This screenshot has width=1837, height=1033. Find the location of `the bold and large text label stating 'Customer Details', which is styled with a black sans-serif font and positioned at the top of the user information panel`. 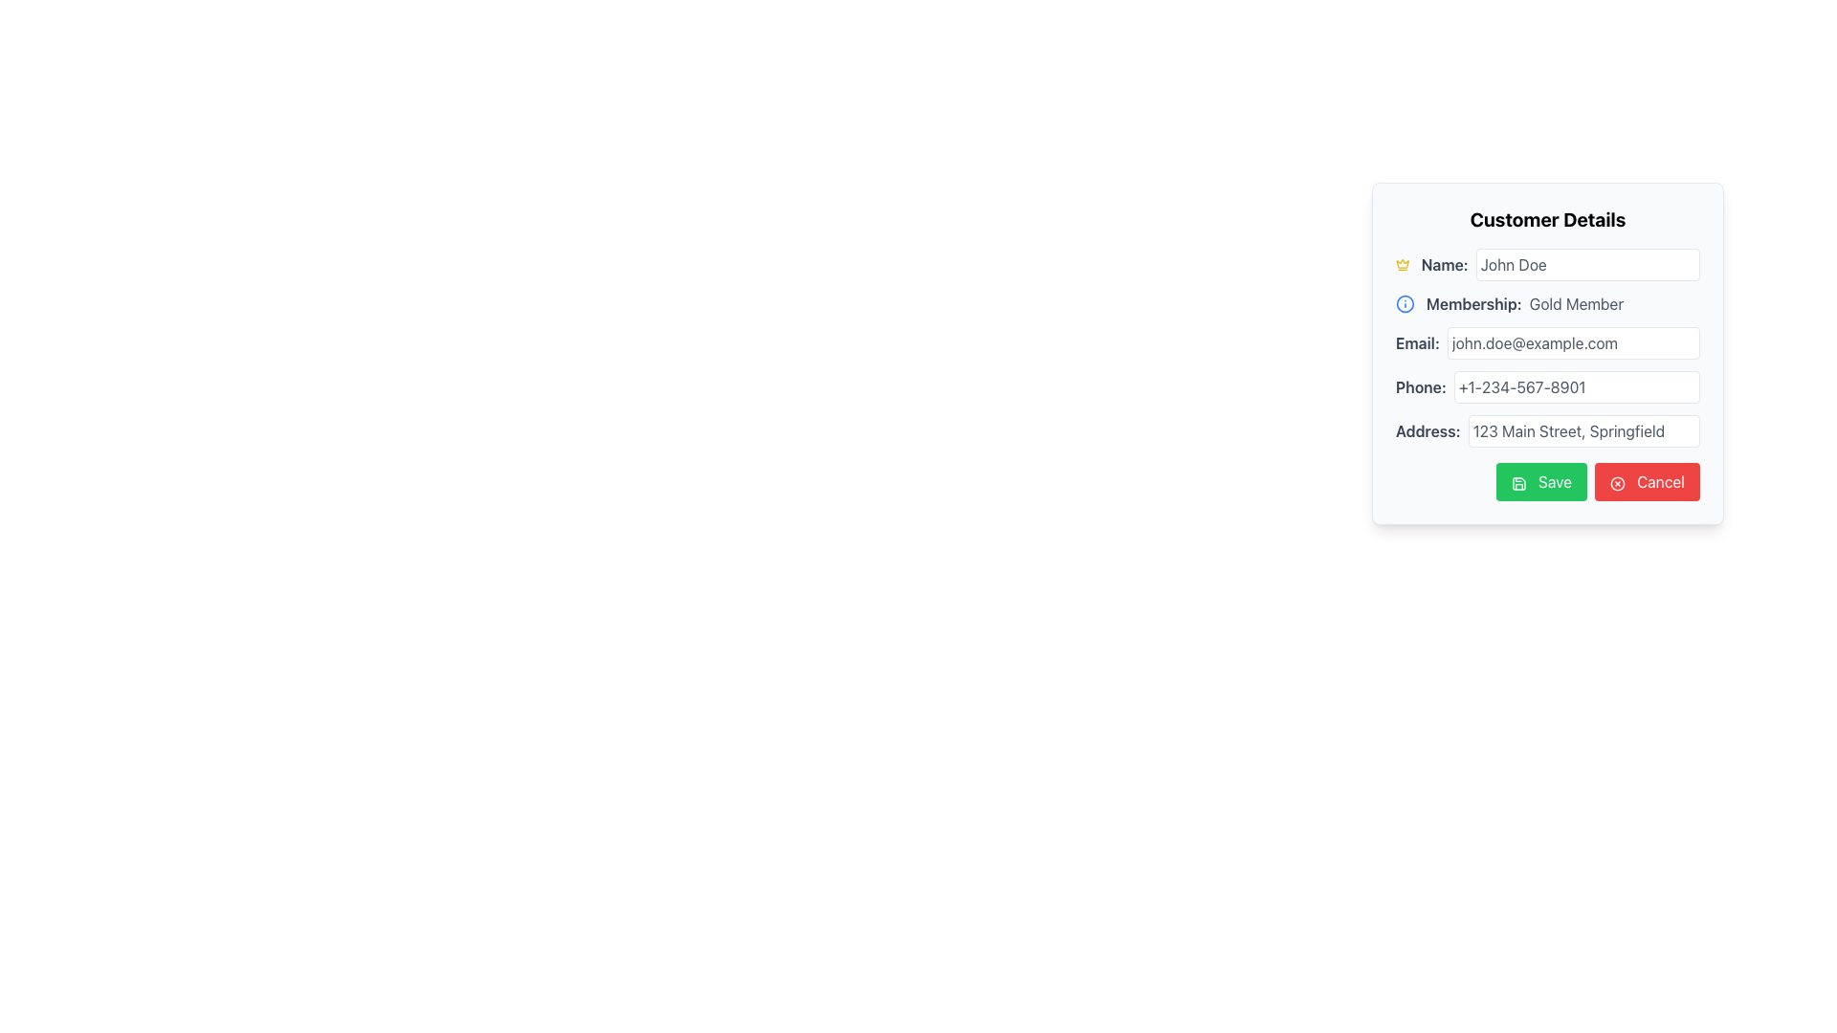

the bold and large text label stating 'Customer Details', which is styled with a black sans-serif font and positioned at the top of the user information panel is located at coordinates (1547, 219).